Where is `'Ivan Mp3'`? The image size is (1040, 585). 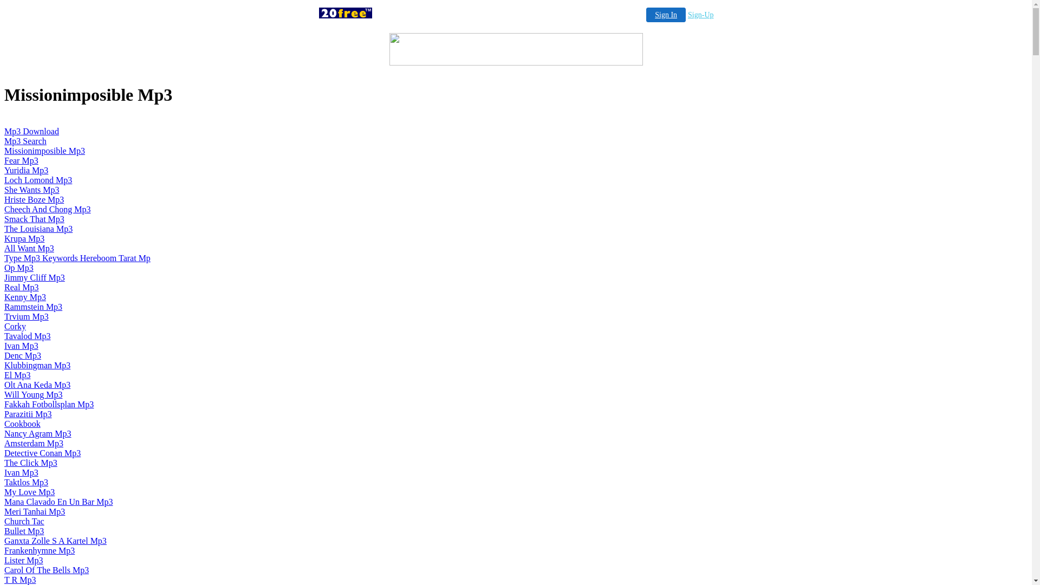
'Ivan Mp3' is located at coordinates (21, 472).